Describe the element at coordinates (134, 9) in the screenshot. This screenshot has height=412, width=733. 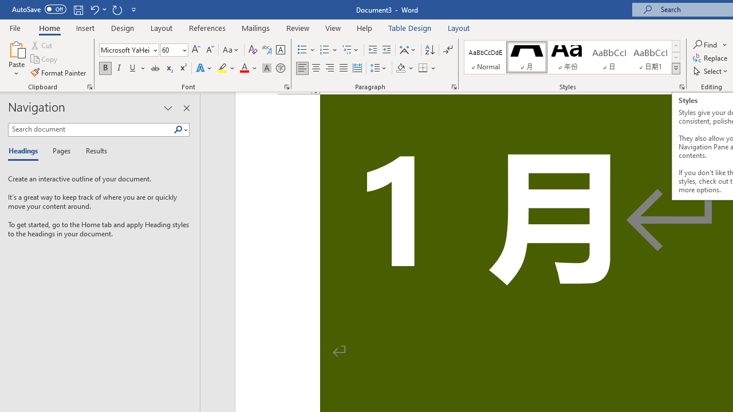
I see `'Customize Quick Access Toolbar'` at that location.